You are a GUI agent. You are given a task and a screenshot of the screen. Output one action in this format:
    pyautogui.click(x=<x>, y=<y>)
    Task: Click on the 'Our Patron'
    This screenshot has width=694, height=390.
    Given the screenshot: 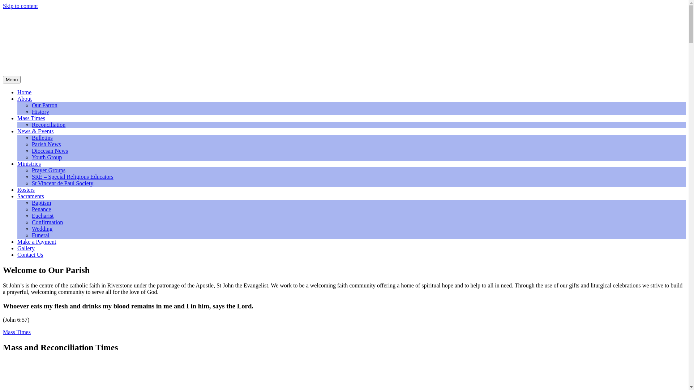 What is the action you would take?
    pyautogui.click(x=44, y=105)
    